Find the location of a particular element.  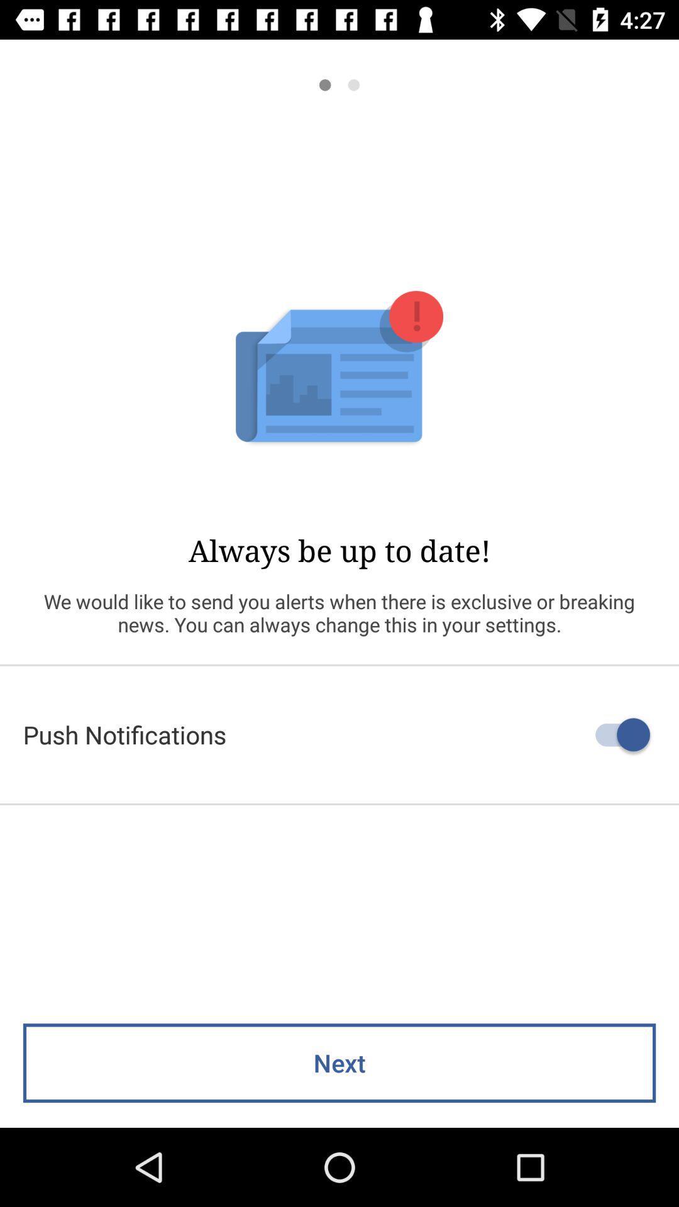

next icon is located at coordinates (339, 1062).